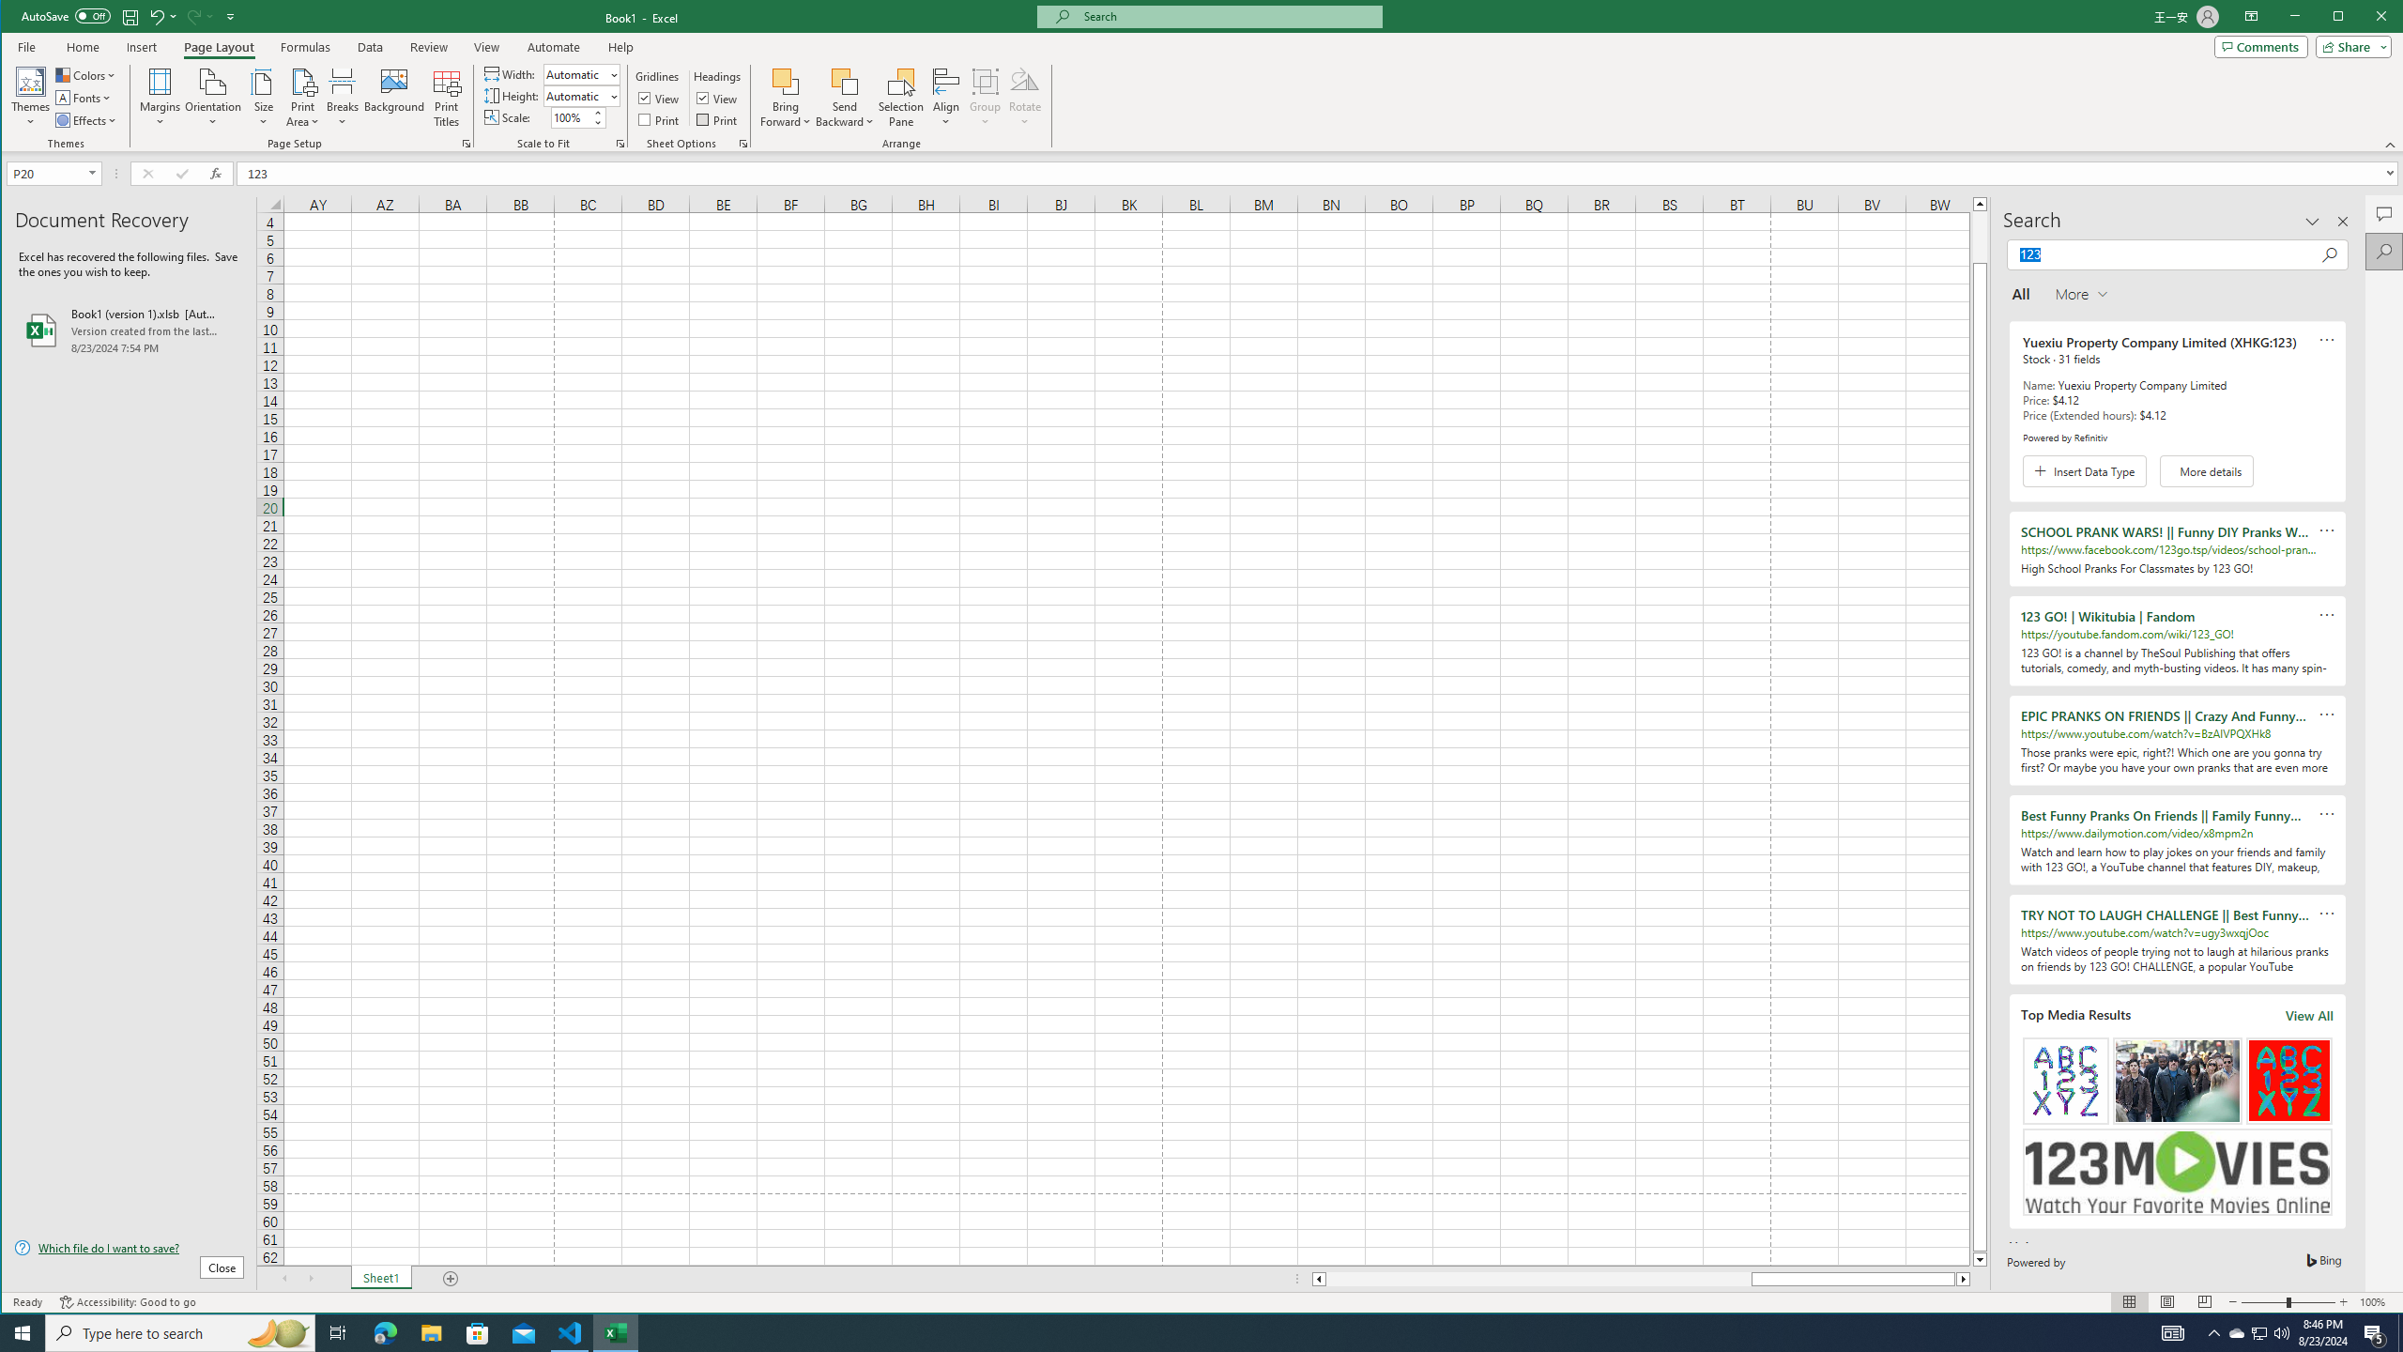  I want to click on 'Sheet Options', so click(742, 144).